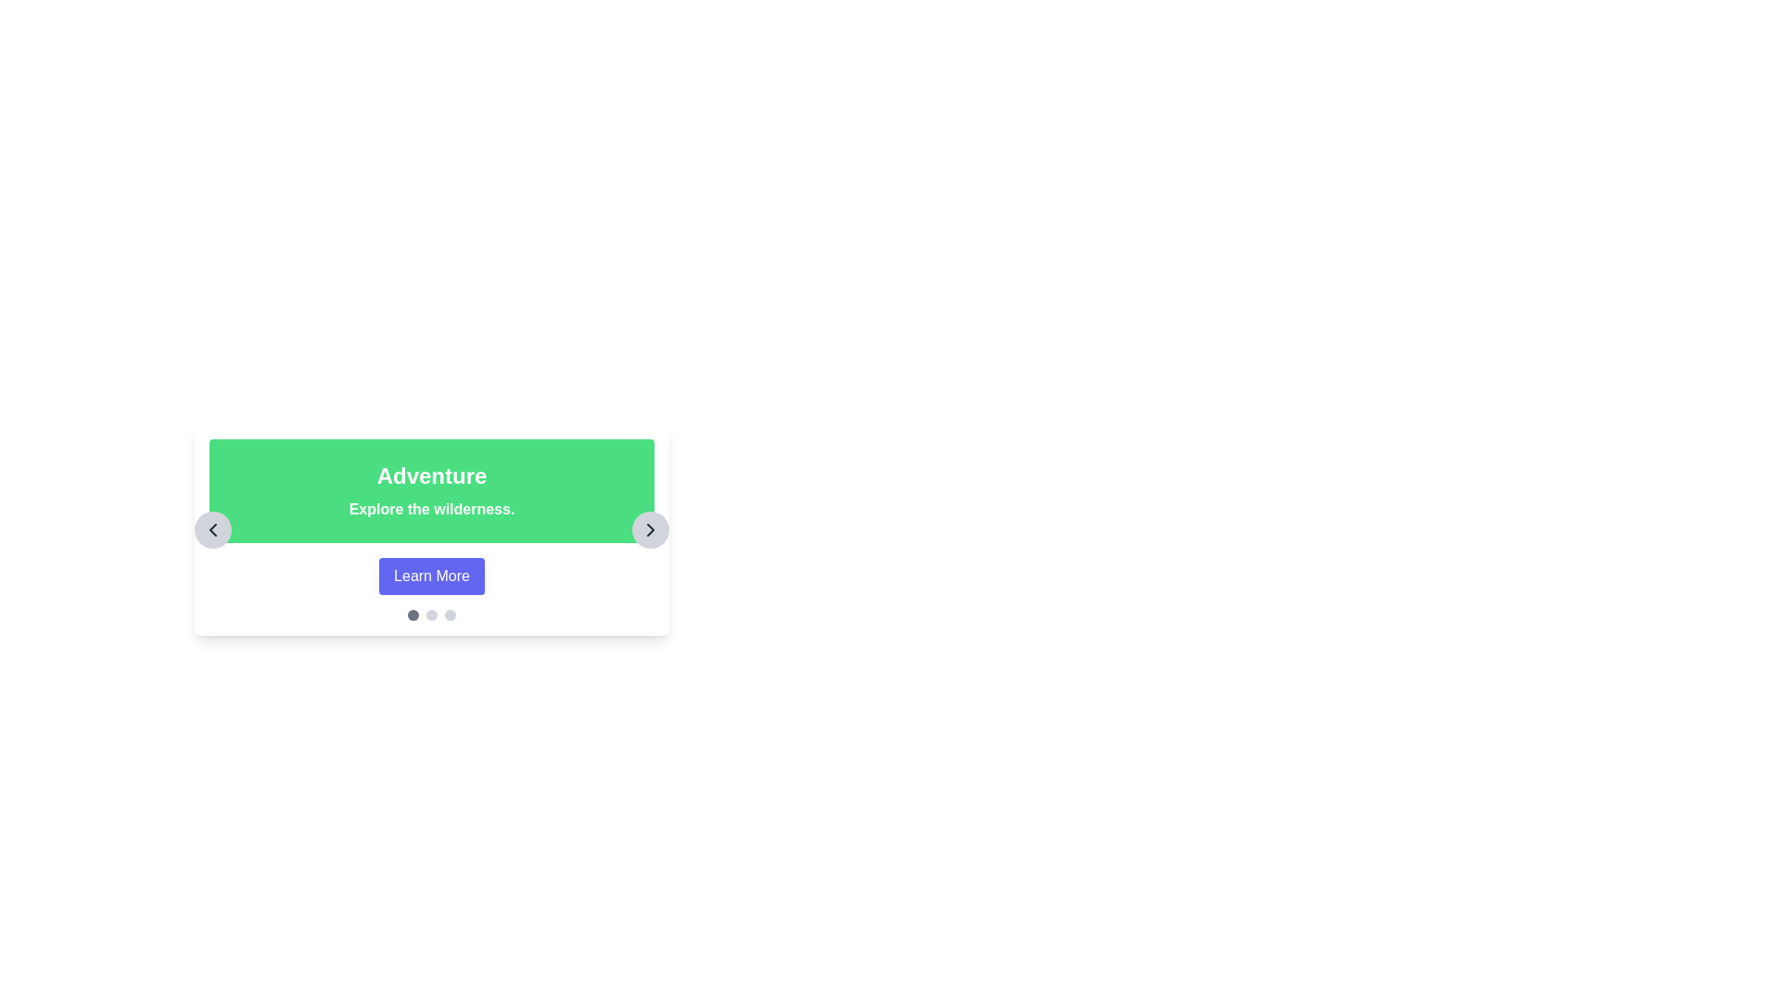  I want to click on the circular button with a gray background and leftward-pointing arrow icon, located in the center-left of the 'Adventure' card, so click(213, 529).